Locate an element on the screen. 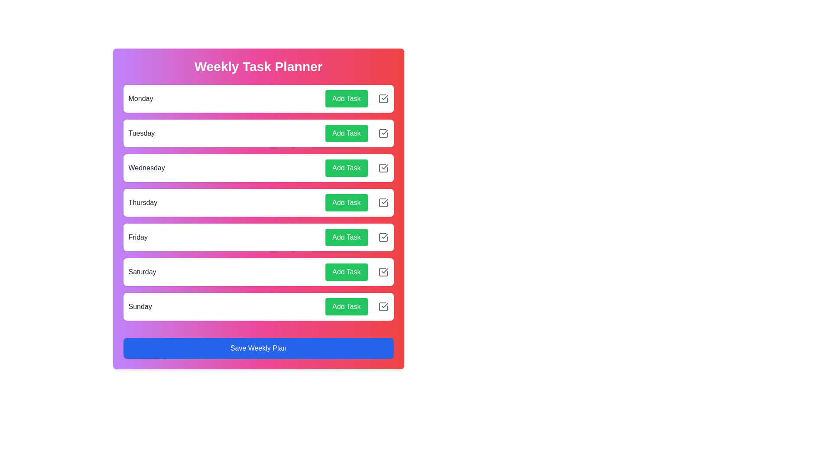 The width and height of the screenshot is (832, 468). the day name Saturday is located at coordinates (142, 272).